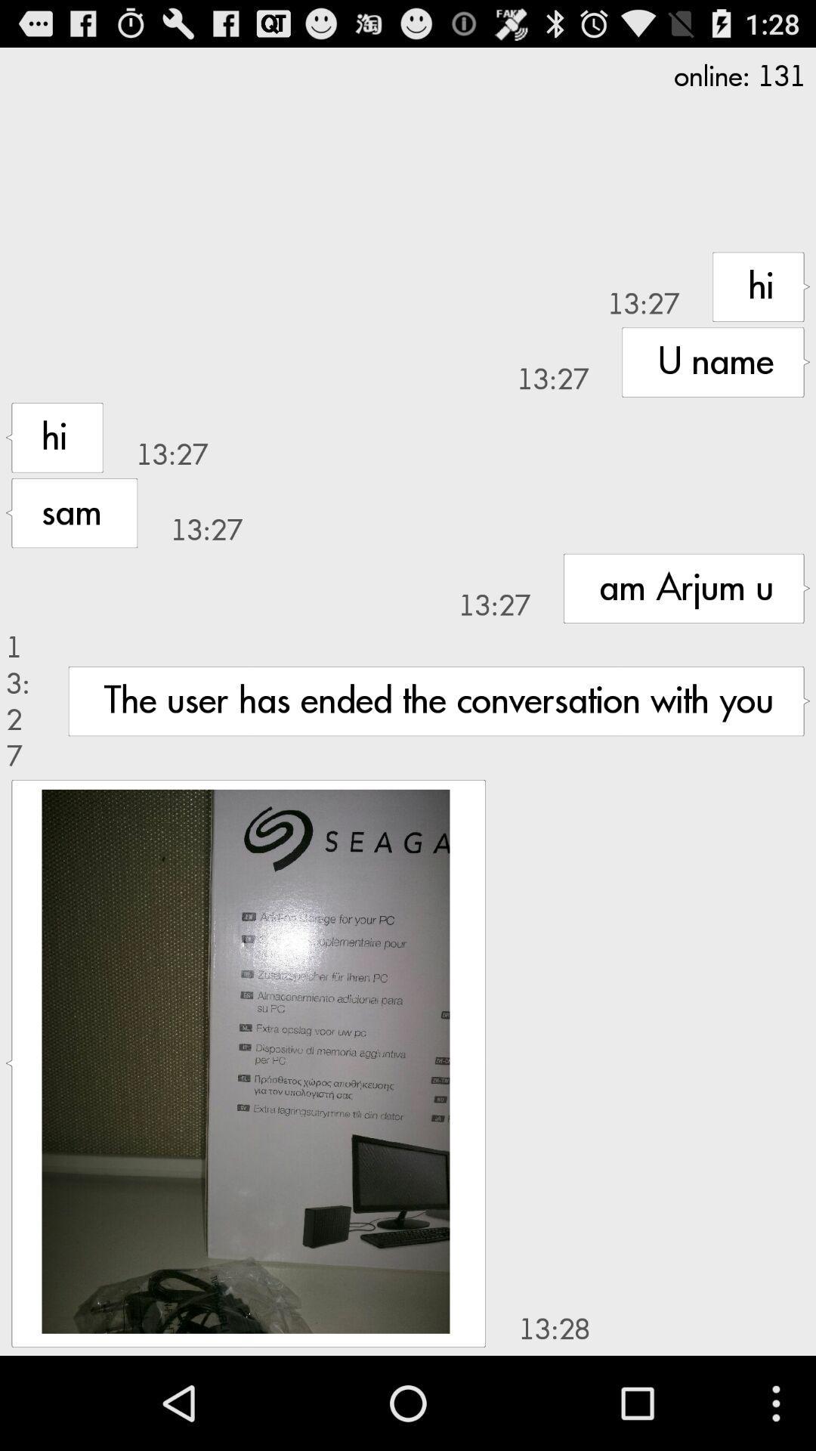 This screenshot has height=1451, width=816. What do you see at coordinates (245, 1060) in the screenshot?
I see `the icon below 13:27 icon` at bounding box center [245, 1060].